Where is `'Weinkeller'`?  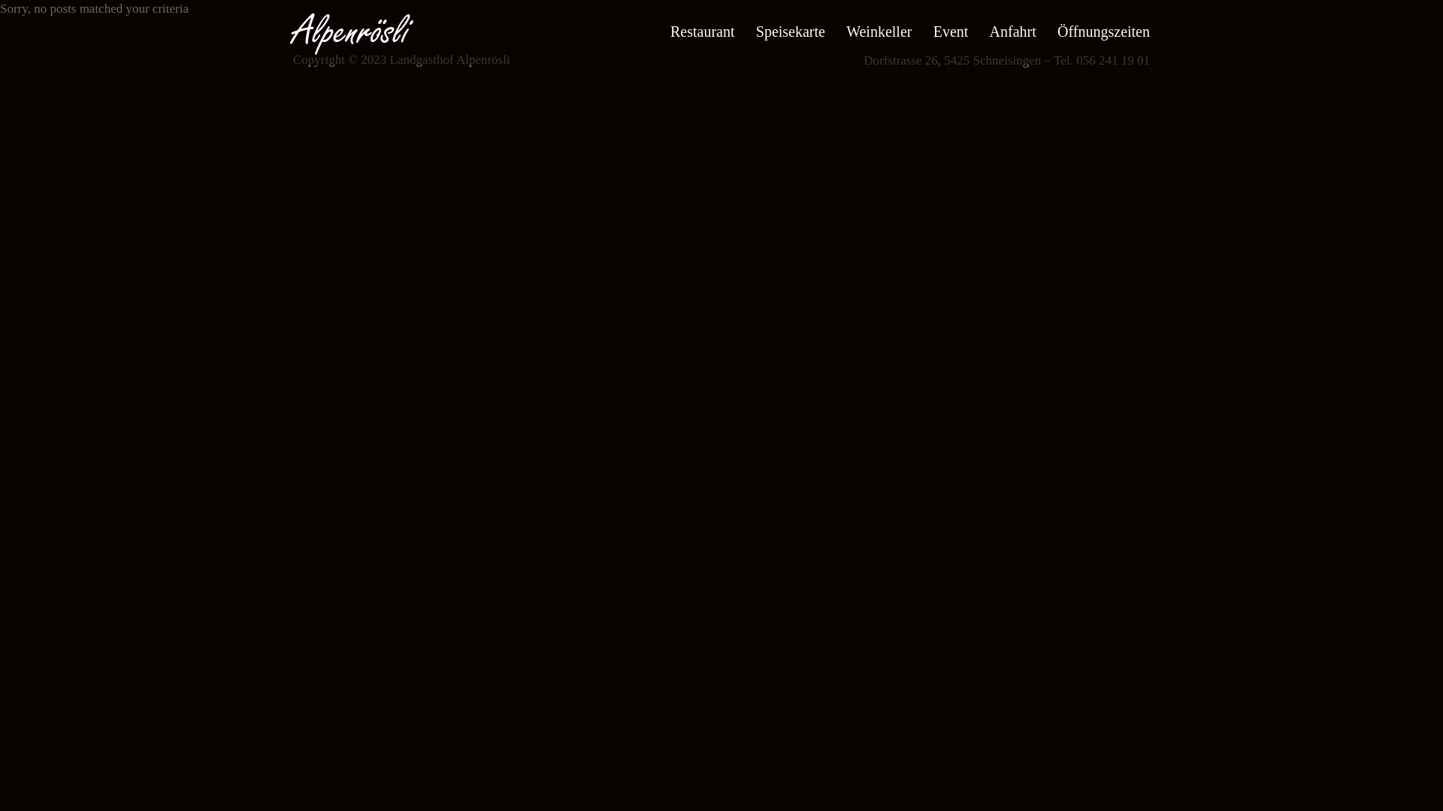 'Weinkeller' is located at coordinates (879, 32).